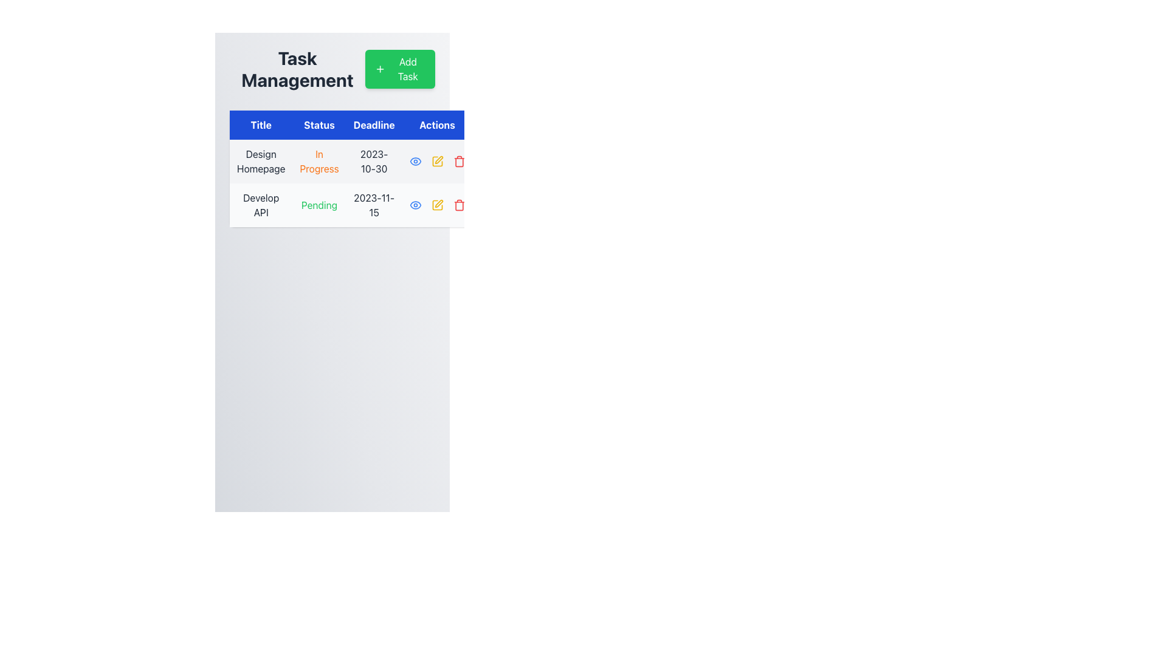 Image resolution: width=1167 pixels, height=656 pixels. Describe the element at coordinates (438, 159) in the screenshot. I see `the yellow pencil icon button located in the 'Actions' column of the second row in the task management table` at that location.